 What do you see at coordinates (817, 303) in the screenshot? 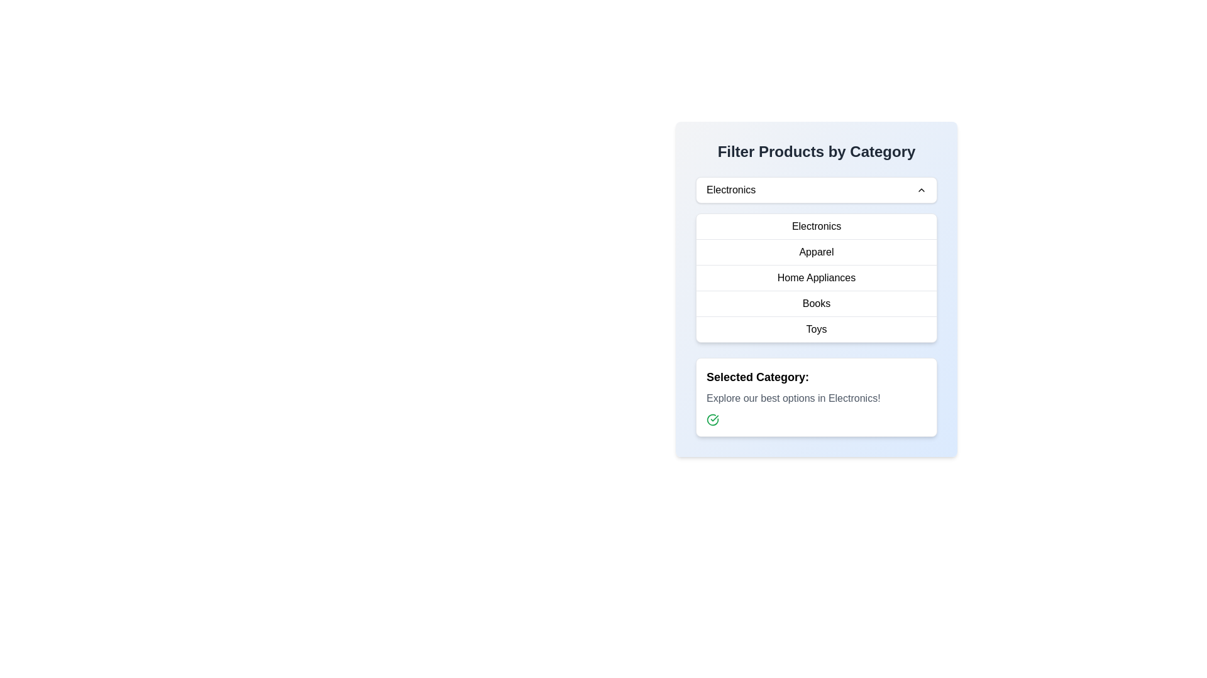
I see `the 'Books' label-like button, which is the fourth entry in a vertically stacked list of buttons, featuring a white background with a hover effect that changes to light blue` at bounding box center [817, 303].